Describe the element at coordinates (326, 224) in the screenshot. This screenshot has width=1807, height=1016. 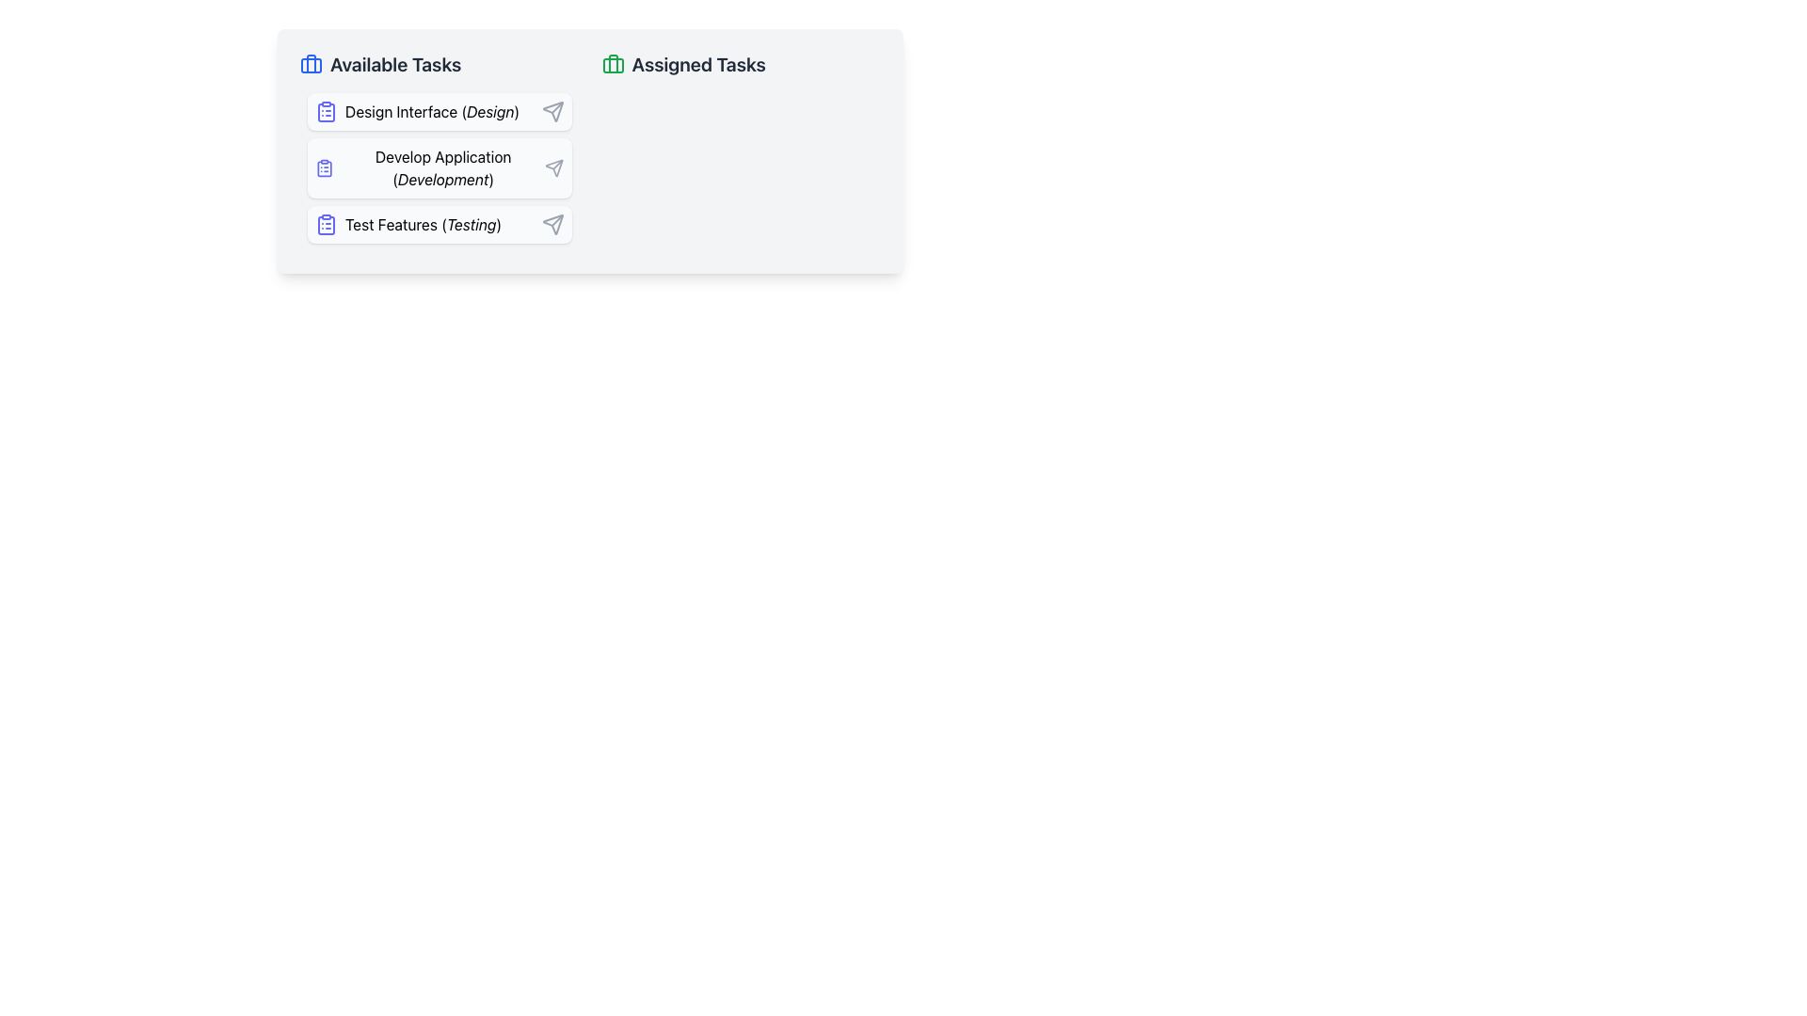
I see `the leftmost icon representing the task 'Test Features (Testing)' located in the bottom section of the list under 'Available Tasks'` at that location.